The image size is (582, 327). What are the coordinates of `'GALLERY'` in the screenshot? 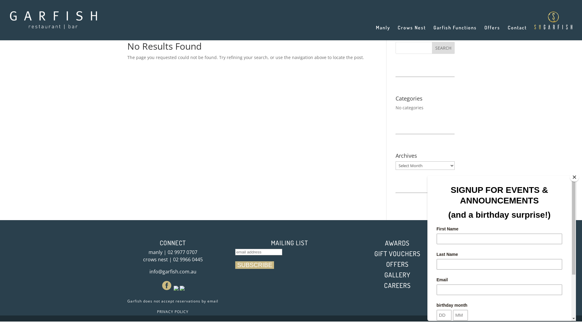 It's located at (384, 274).